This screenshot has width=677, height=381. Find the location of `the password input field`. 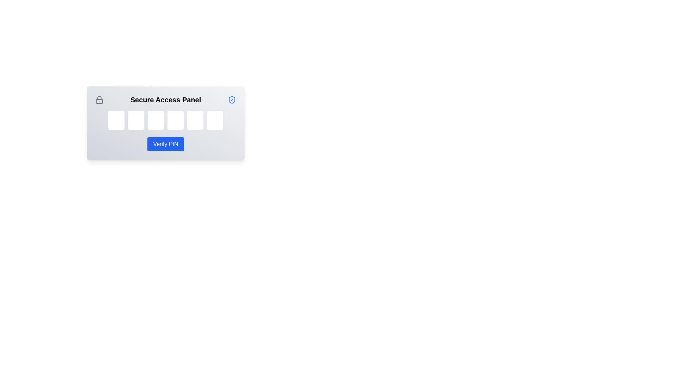

the password input field is located at coordinates (116, 120).